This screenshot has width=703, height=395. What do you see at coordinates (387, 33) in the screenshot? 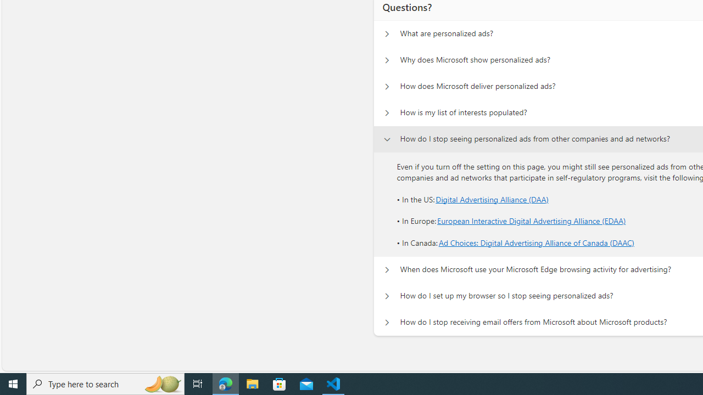
I see `'Questions? What are personalized ads?'` at bounding box center [387, 33].